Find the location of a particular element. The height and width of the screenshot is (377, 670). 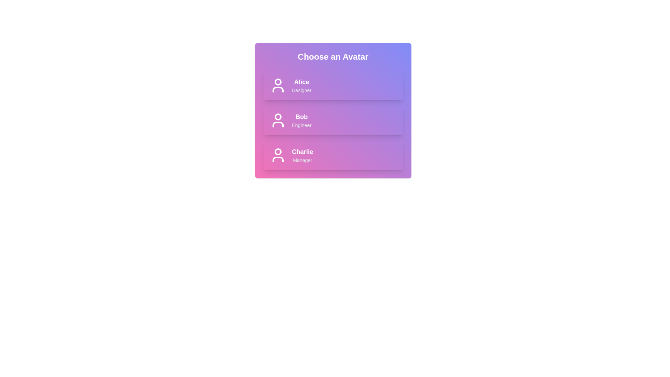

the avatar selection icon corresponding to the user profile name 'Charlie' is located at coordinates (277, 159).